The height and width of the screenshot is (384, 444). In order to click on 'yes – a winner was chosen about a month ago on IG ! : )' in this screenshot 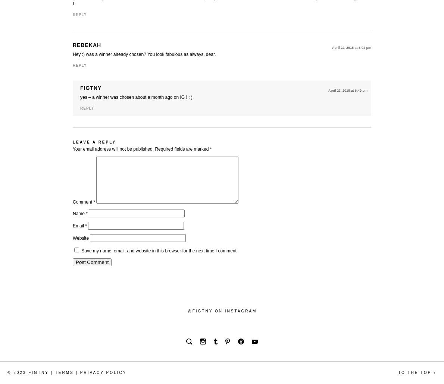, I will do `click(135, 97)`.